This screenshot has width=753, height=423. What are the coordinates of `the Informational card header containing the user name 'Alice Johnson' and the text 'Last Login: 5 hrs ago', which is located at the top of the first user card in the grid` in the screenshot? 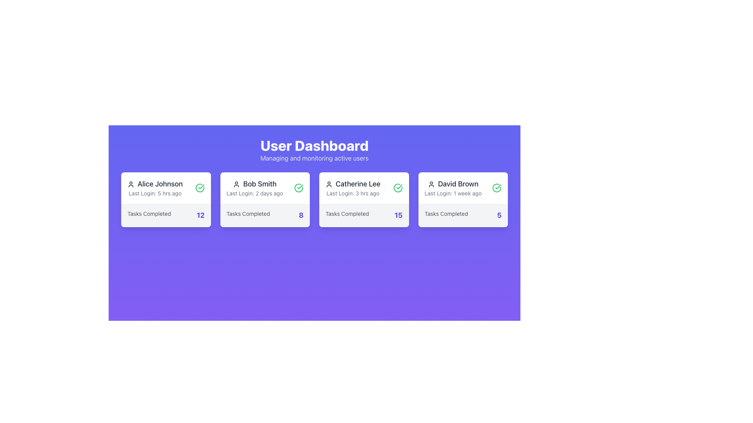 It's located at (166, 188).